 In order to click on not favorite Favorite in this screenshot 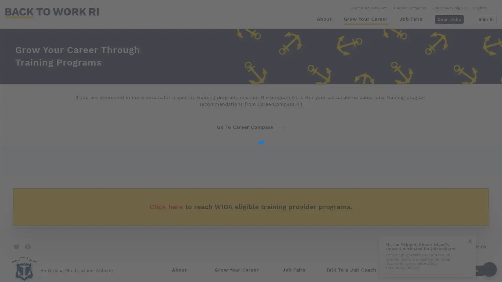, I will do `click(465, 206)`.